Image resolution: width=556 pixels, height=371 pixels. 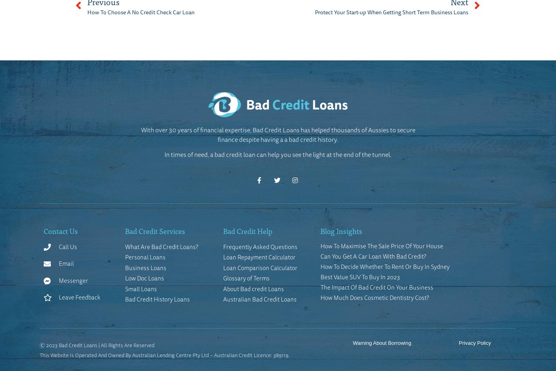 I want to click on 'Small Loans', so click(x=141, y=288).